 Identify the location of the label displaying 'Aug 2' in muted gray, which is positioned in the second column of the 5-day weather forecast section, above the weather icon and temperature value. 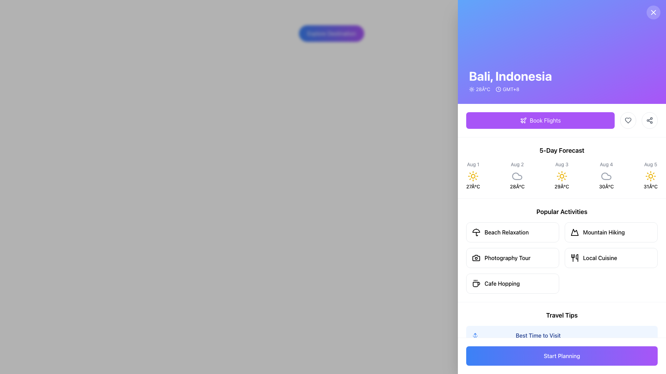
(517, 164).